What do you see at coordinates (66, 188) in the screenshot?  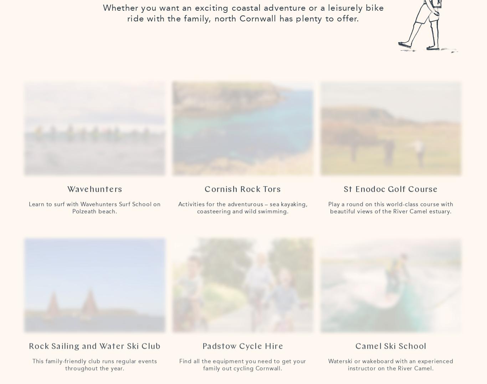 I see `'Wavehunters'` at bounding box center [66, 188].